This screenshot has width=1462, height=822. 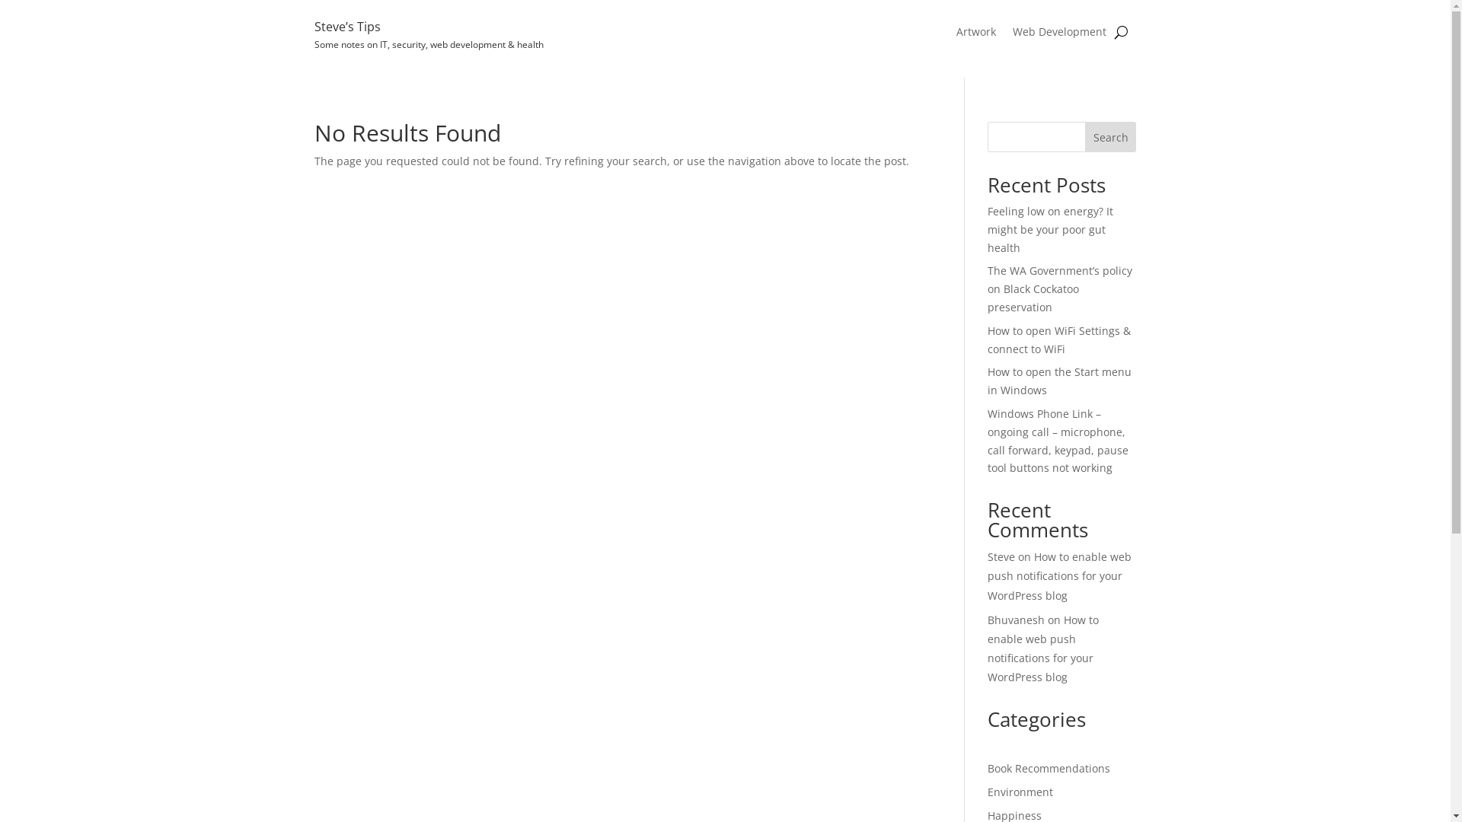 What do you see at coordinates (1020, 791) in the screenshot?
I see `'Environment'` at bounding box center [1020, 791].